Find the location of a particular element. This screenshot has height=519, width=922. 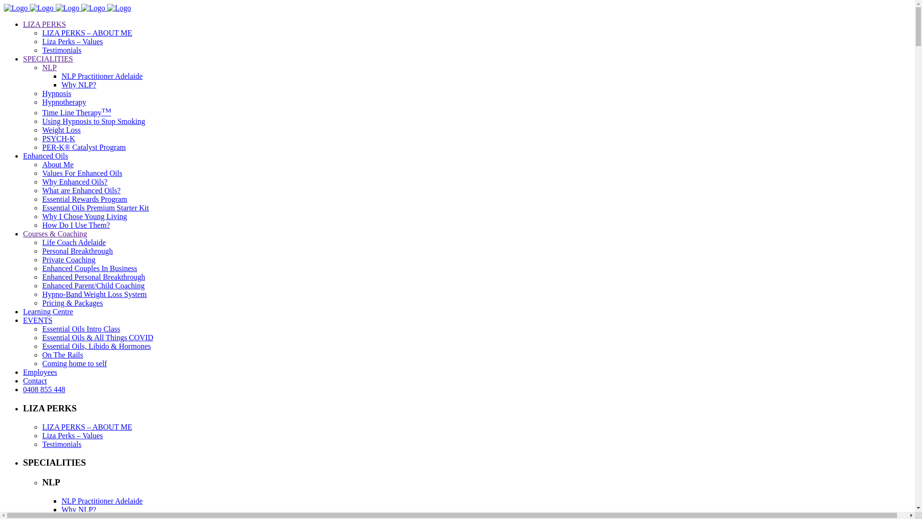

'Essential Oils Premium Starter Kit' is located at coordinates (95, 207).